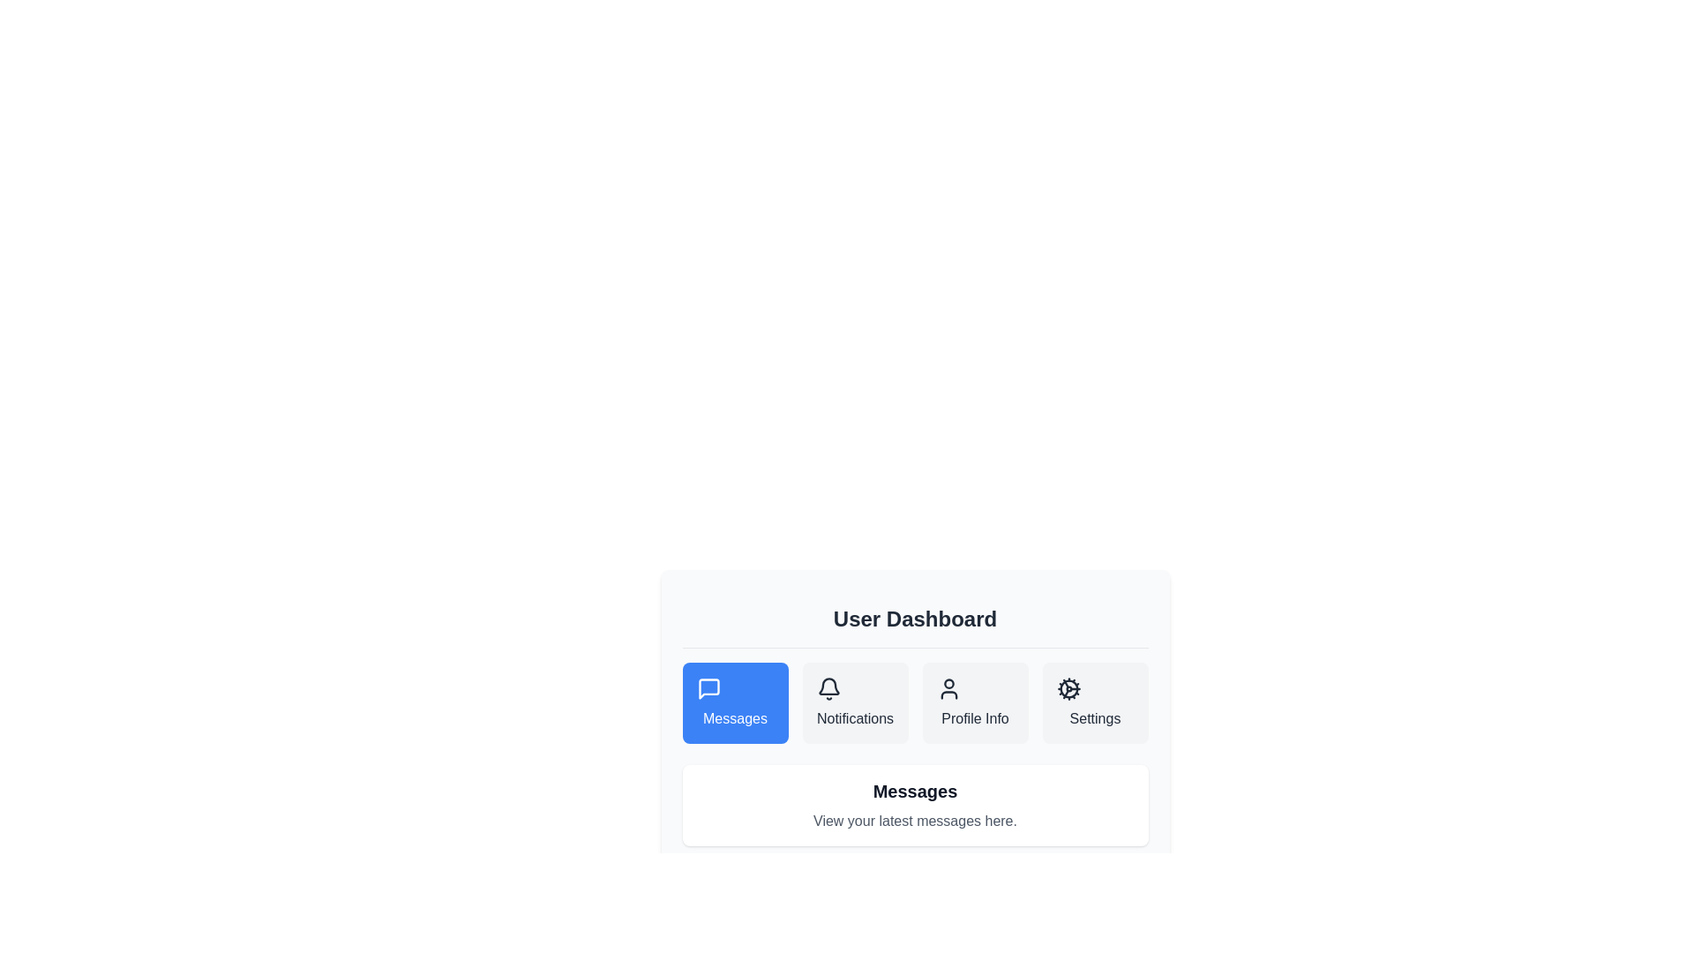 The width and height of the screenshot is (1694, 953). I want to click on the Notifications icon to inspect it, so click(828, 687).